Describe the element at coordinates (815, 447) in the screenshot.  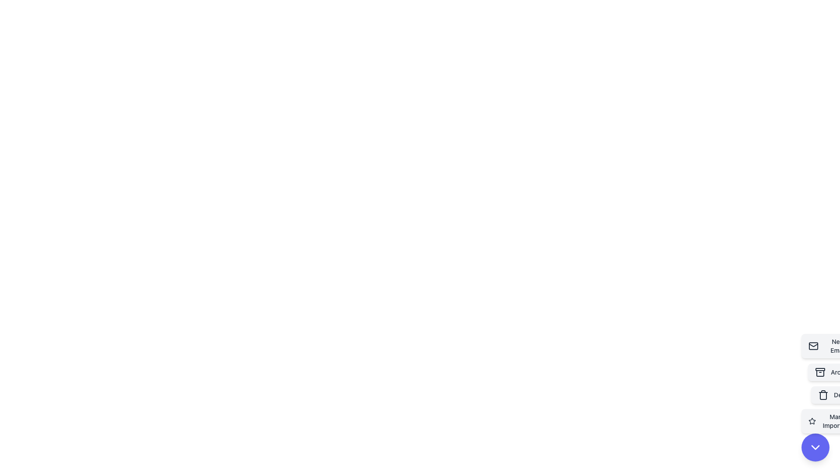
I see `the Chevron icon within the button located at the bottom-right of the interface` at that location.